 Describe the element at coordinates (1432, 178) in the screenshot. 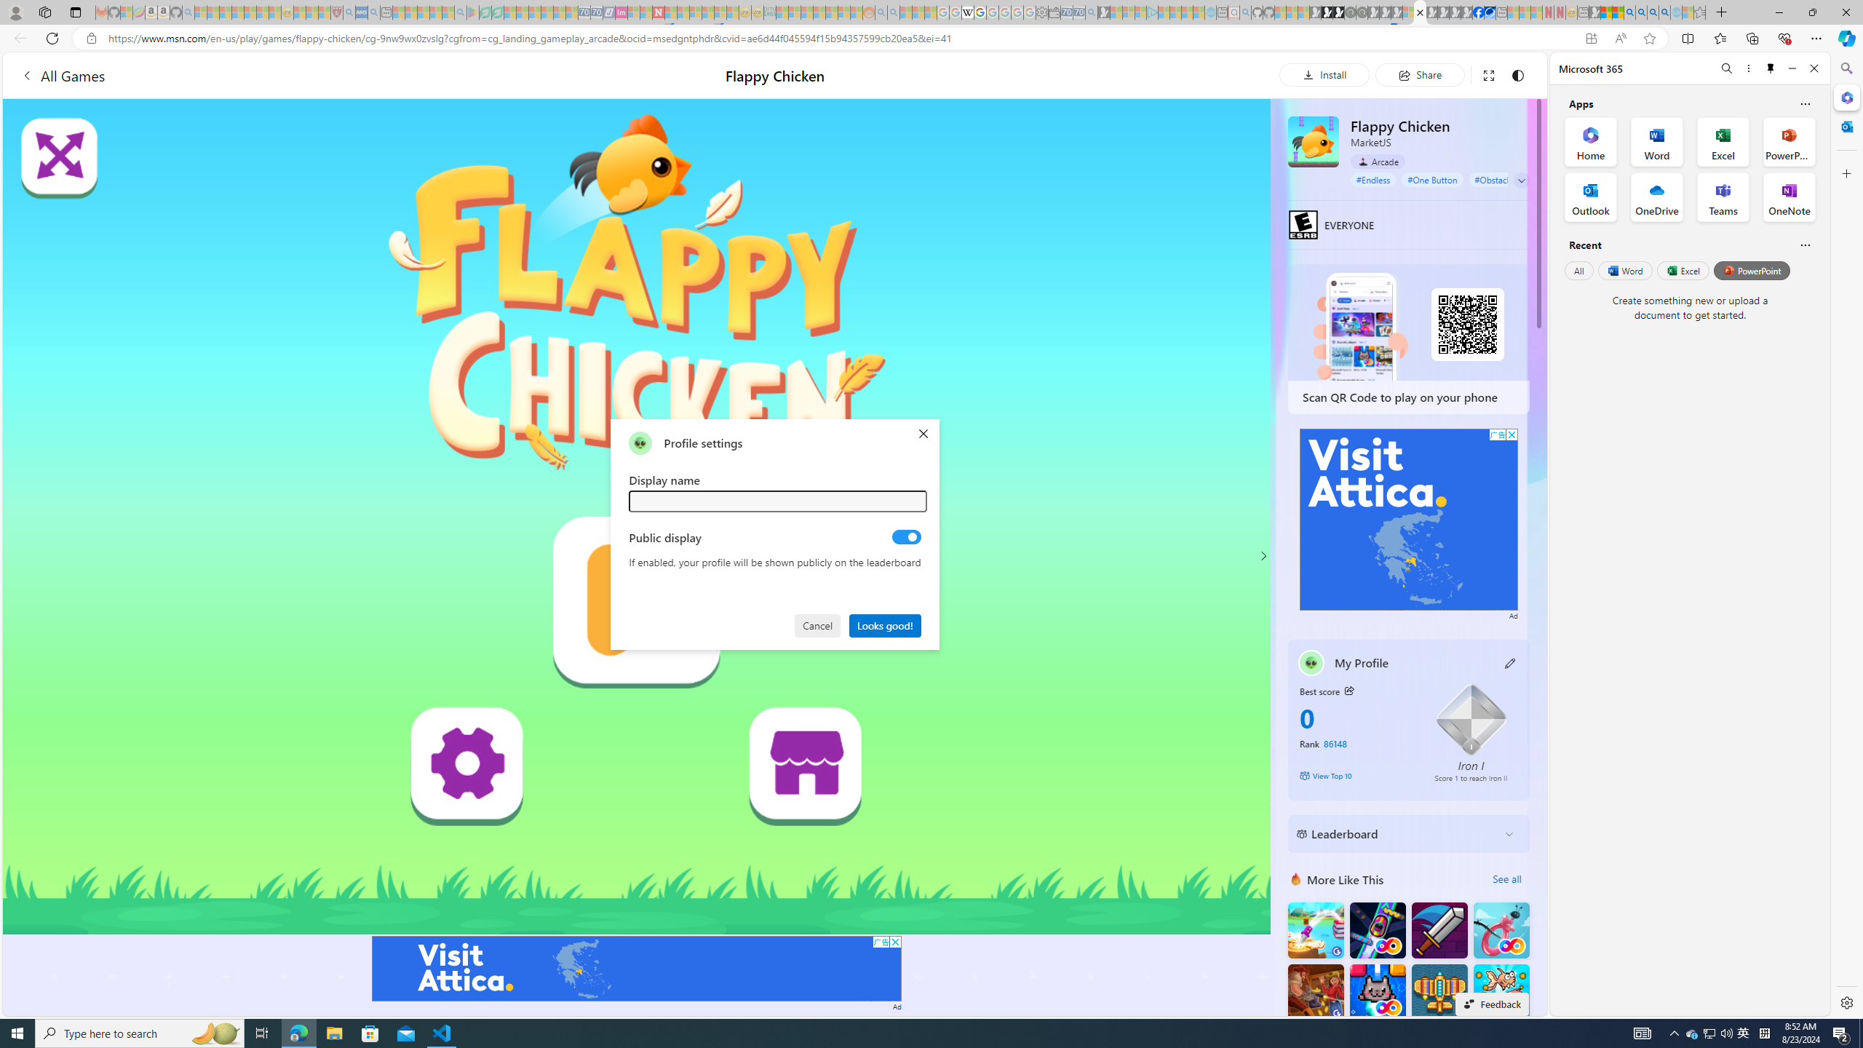

I see `'#One Button'` at that location.